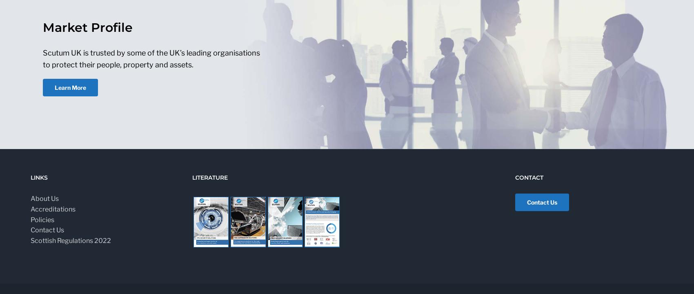  I want to click on 'Scutum UK is trusted by some of the UK’s leading organisations to protect their people, property and assets.', so click(150, 58).